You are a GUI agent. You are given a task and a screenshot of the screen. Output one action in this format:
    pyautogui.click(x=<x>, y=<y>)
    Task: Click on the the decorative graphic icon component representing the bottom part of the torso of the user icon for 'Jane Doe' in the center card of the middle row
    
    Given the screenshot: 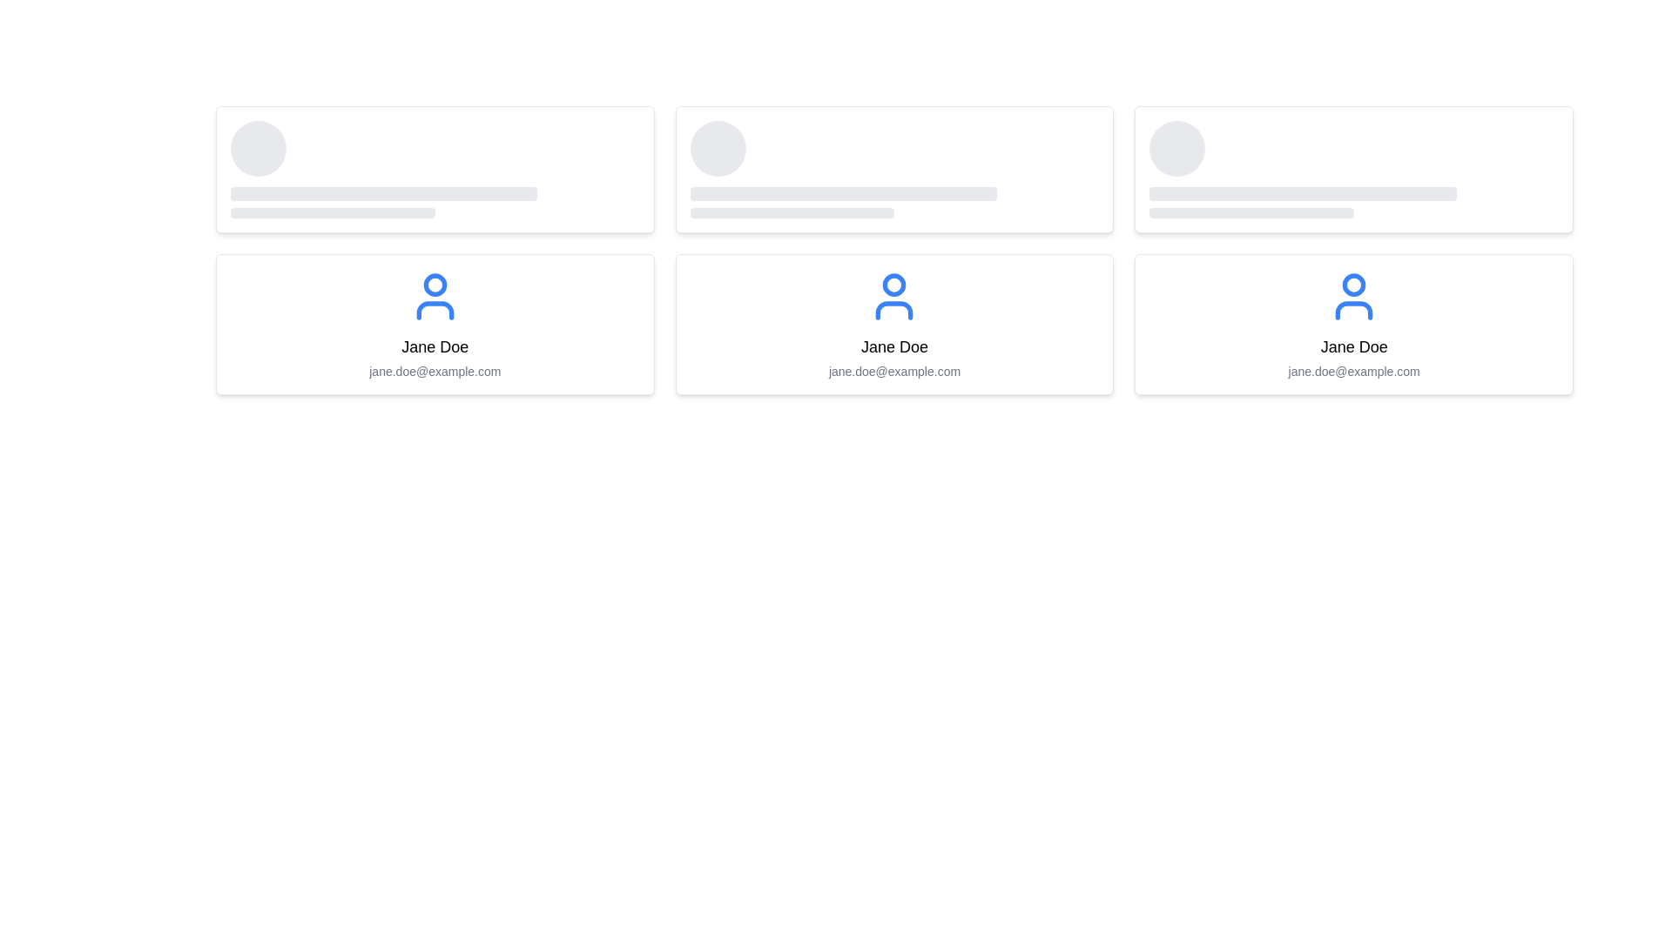 What is the action you would take?
    pyautogui.click(x=894, y=310)
    